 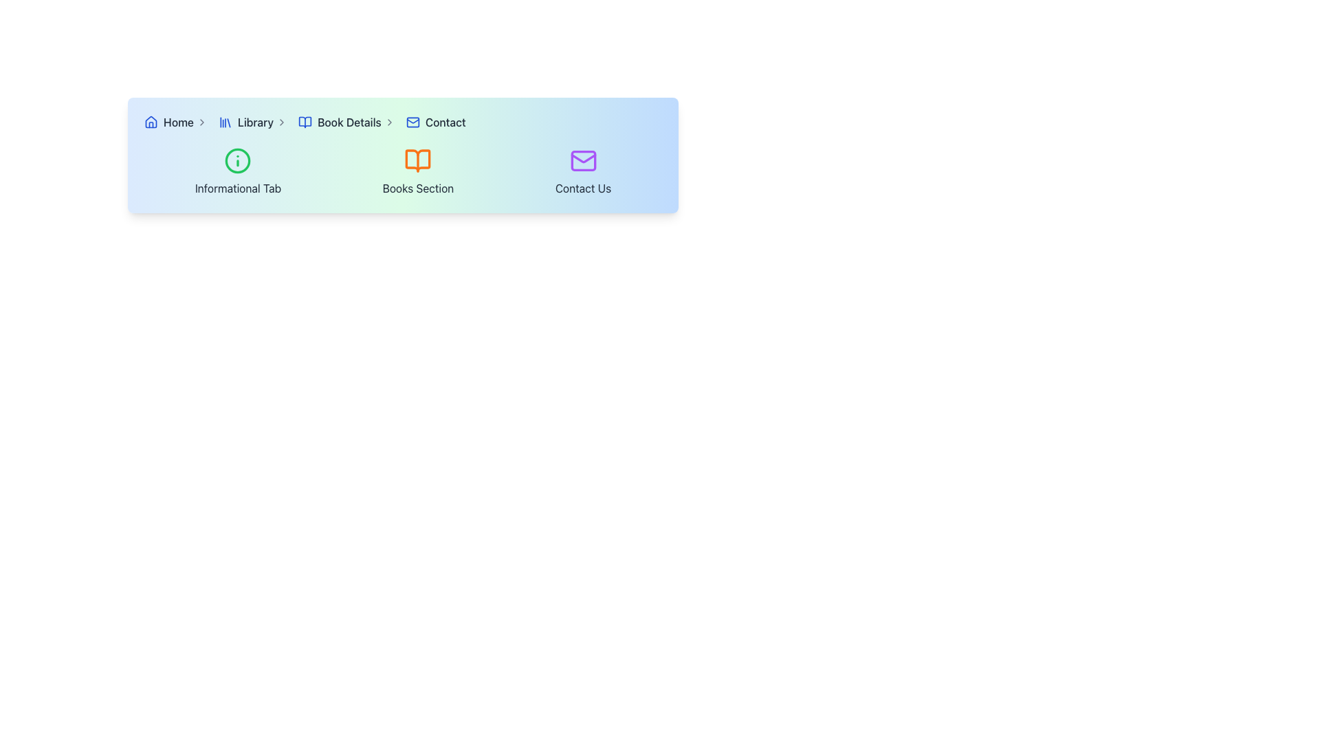 I want to click on the representational 'Books Section' icon in the navigation bar, which visually identifies the section and has no interactive functionality, so click(x=417, y=160).